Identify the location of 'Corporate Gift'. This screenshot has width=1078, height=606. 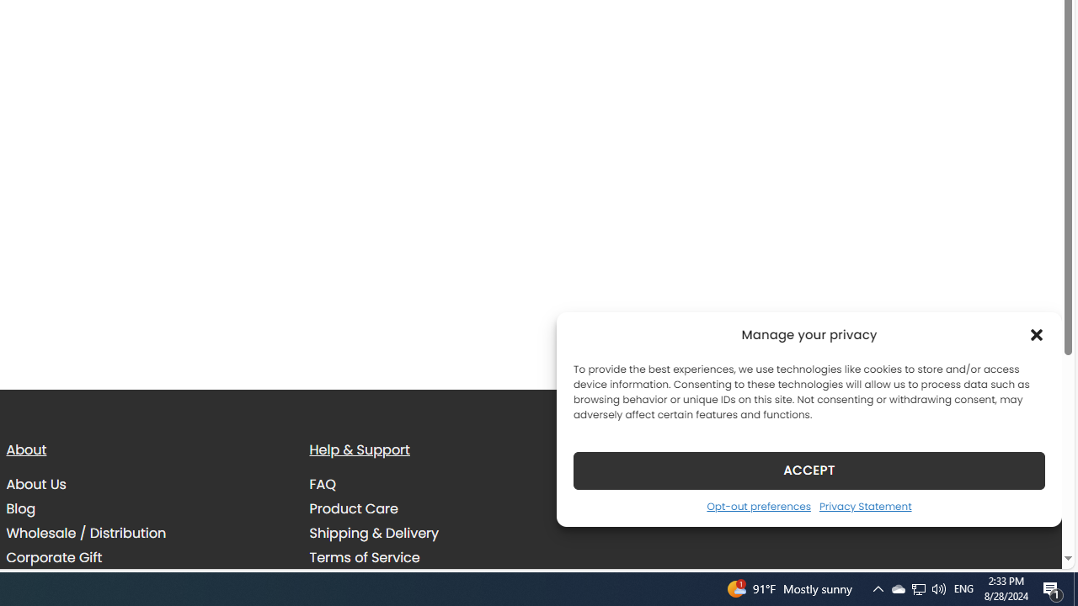
(145, 557).